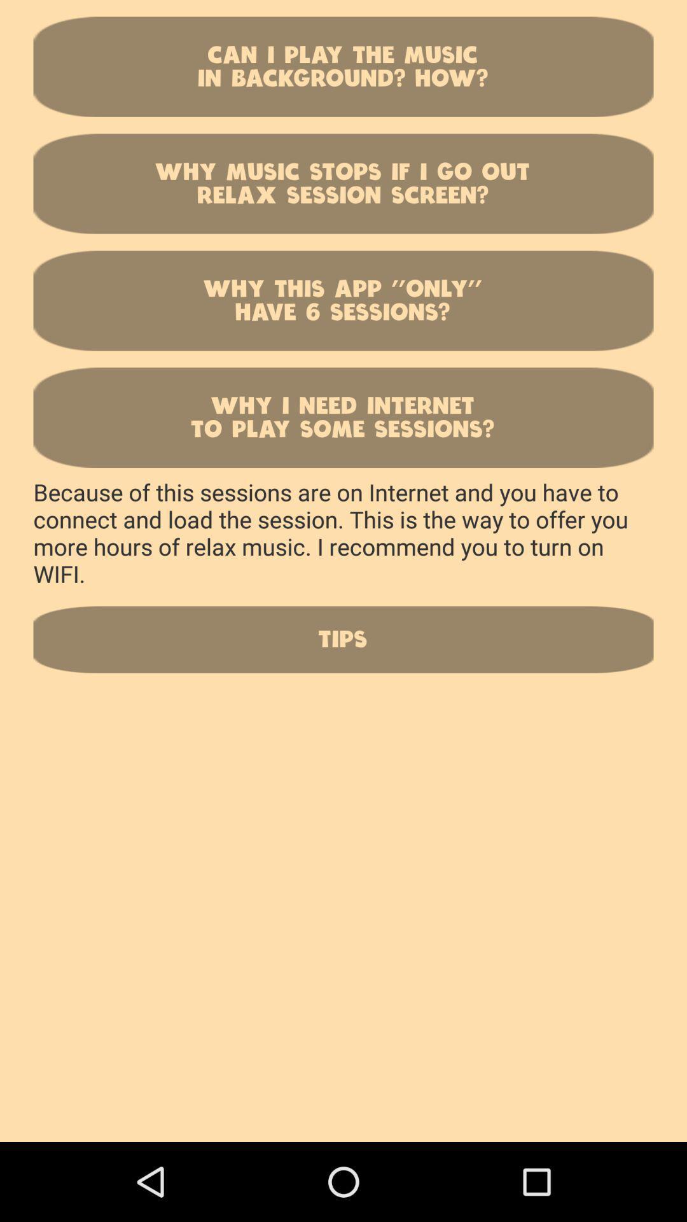 The image size is (687, 1222). I want to click on why music stops button, so click(343, 183).